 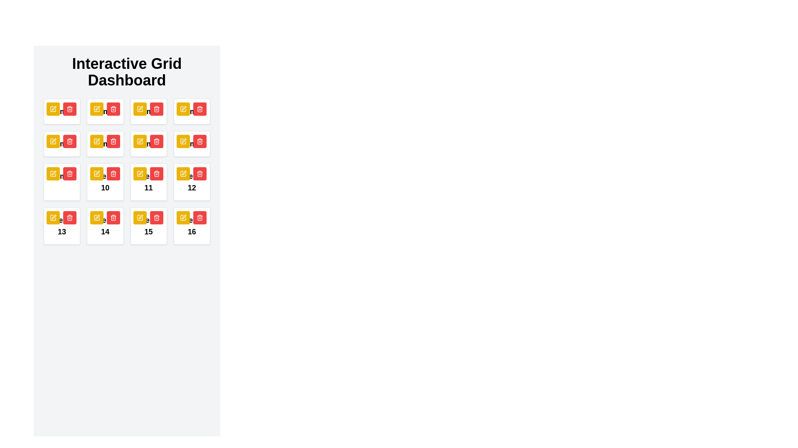 What do you see at coordinates (105, 111) in the screenshot?
I see `the central text label that describes the content of the associated card located in the second position of the first row of the grid layout` at bounding box center [105, 111].